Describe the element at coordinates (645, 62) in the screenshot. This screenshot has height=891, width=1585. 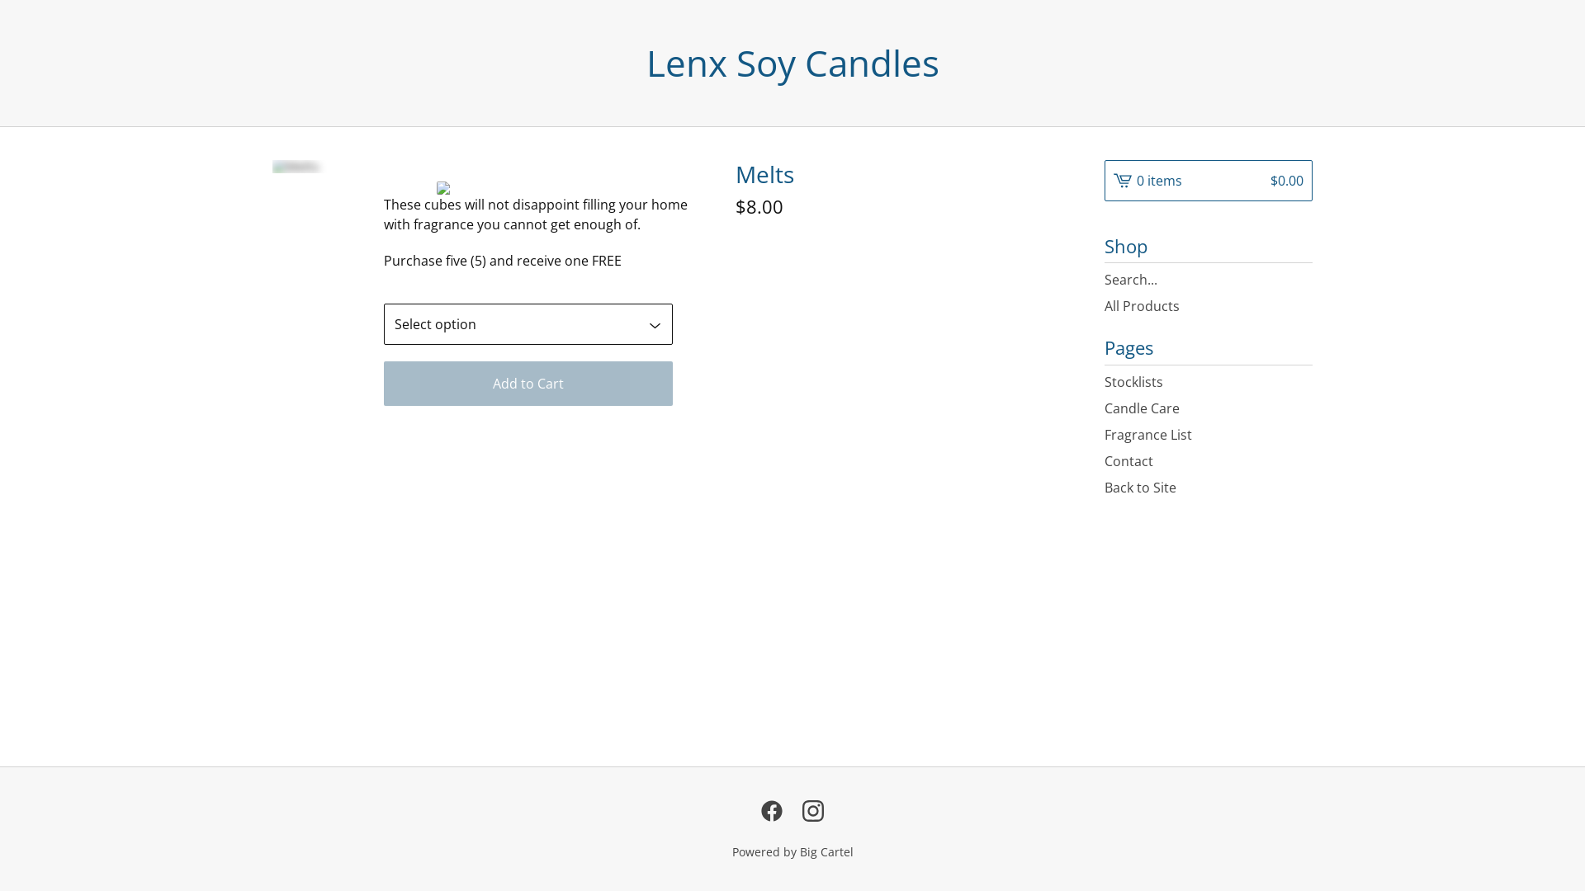
I see `'Lenx Soy Candles'` at that location.